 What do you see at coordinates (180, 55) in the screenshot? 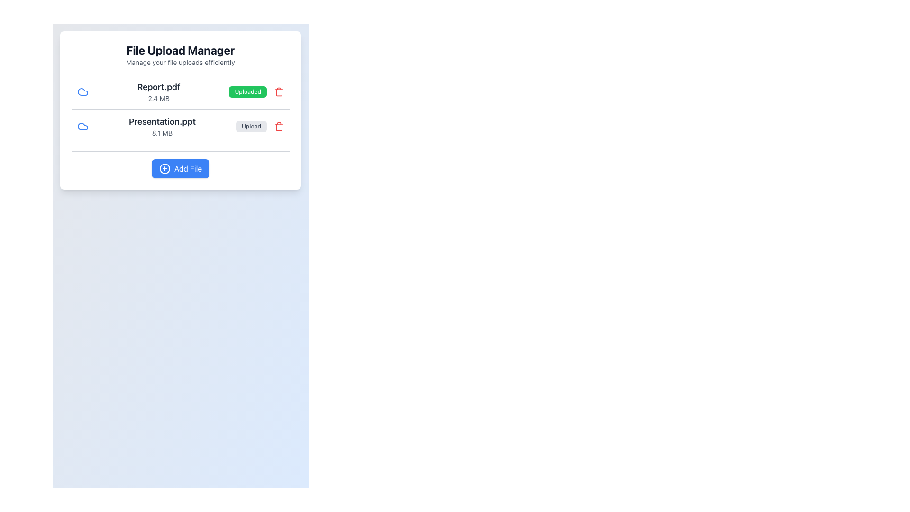
I see `the title and description Text Block at the top-center of the file management interface panel` at bounding box center [180, 55].